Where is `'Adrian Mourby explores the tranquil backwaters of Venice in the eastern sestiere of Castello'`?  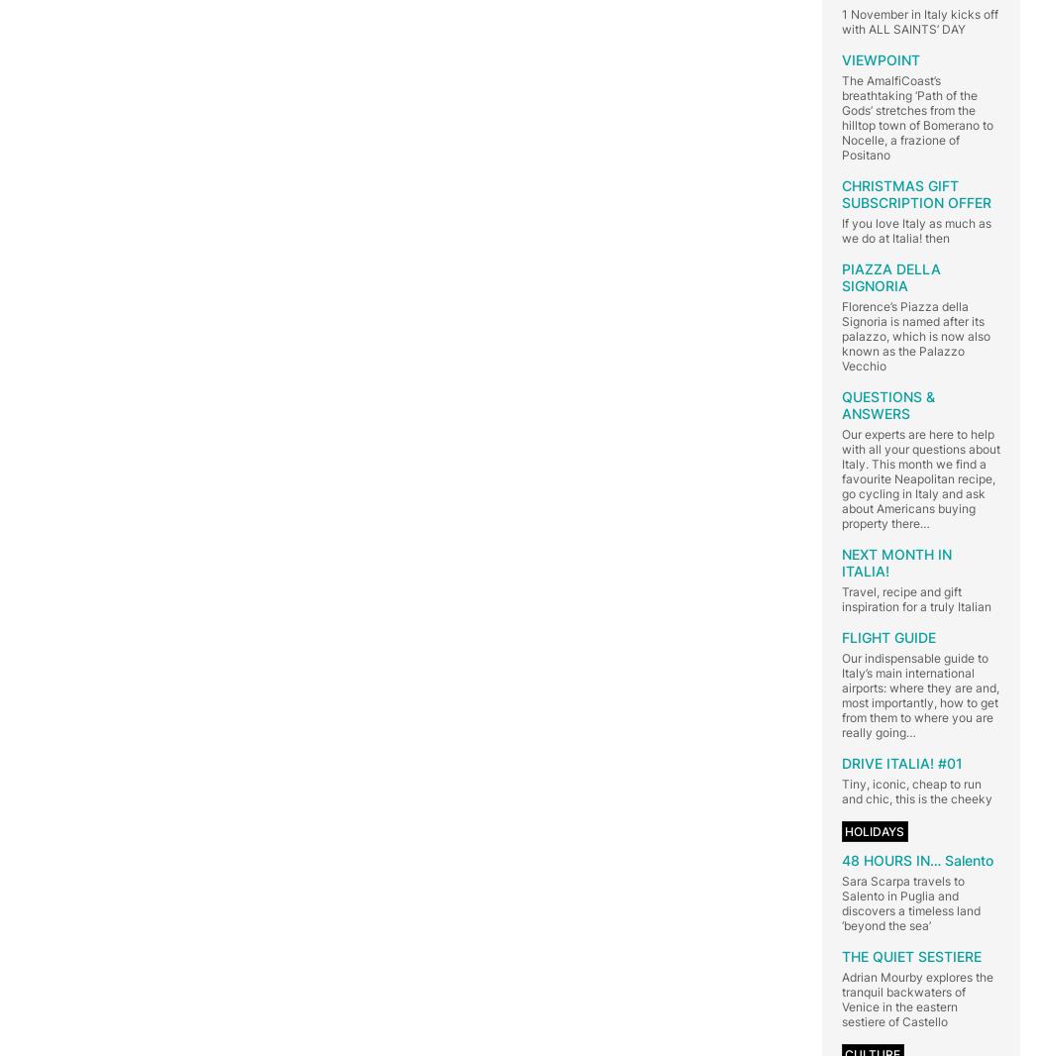 'Adrian Mourby explores the tranquil backwaters of Venice in the eastern sestiere of Castello' is located at coordinates (917, 999).